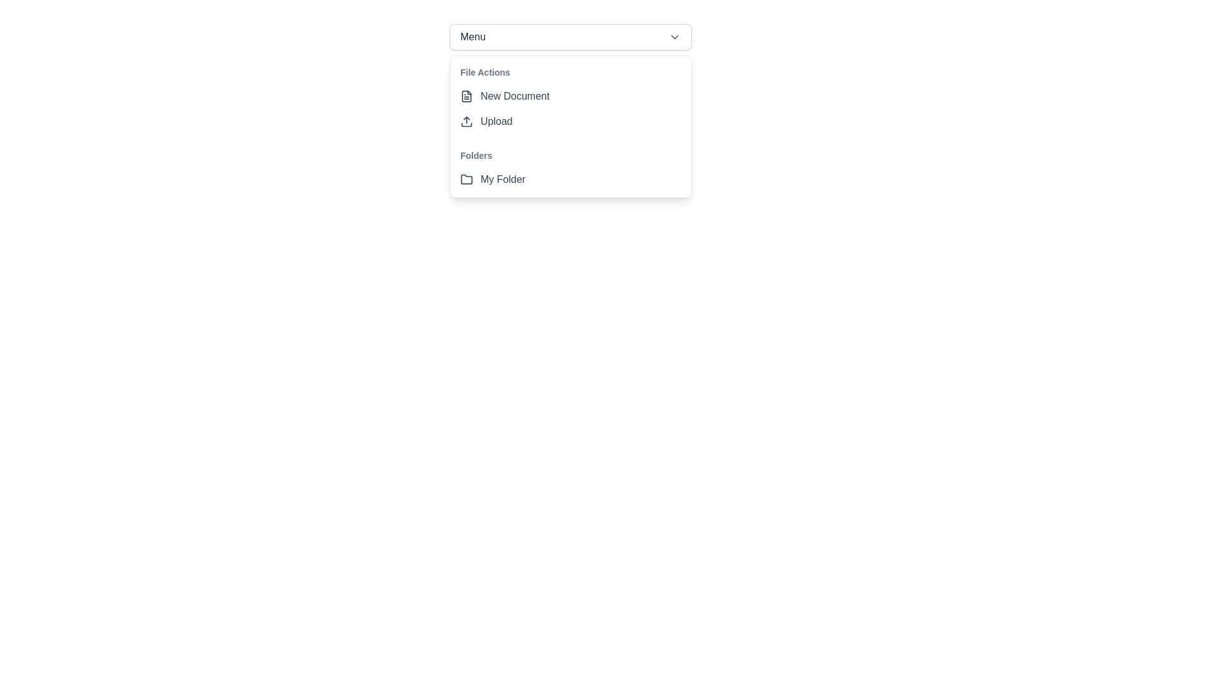 The height and width of the screenshot is (681, 1211). I want to click on the outlined folder icon located in the 'My Folder' row of the dropdown list, so click(465, 180).